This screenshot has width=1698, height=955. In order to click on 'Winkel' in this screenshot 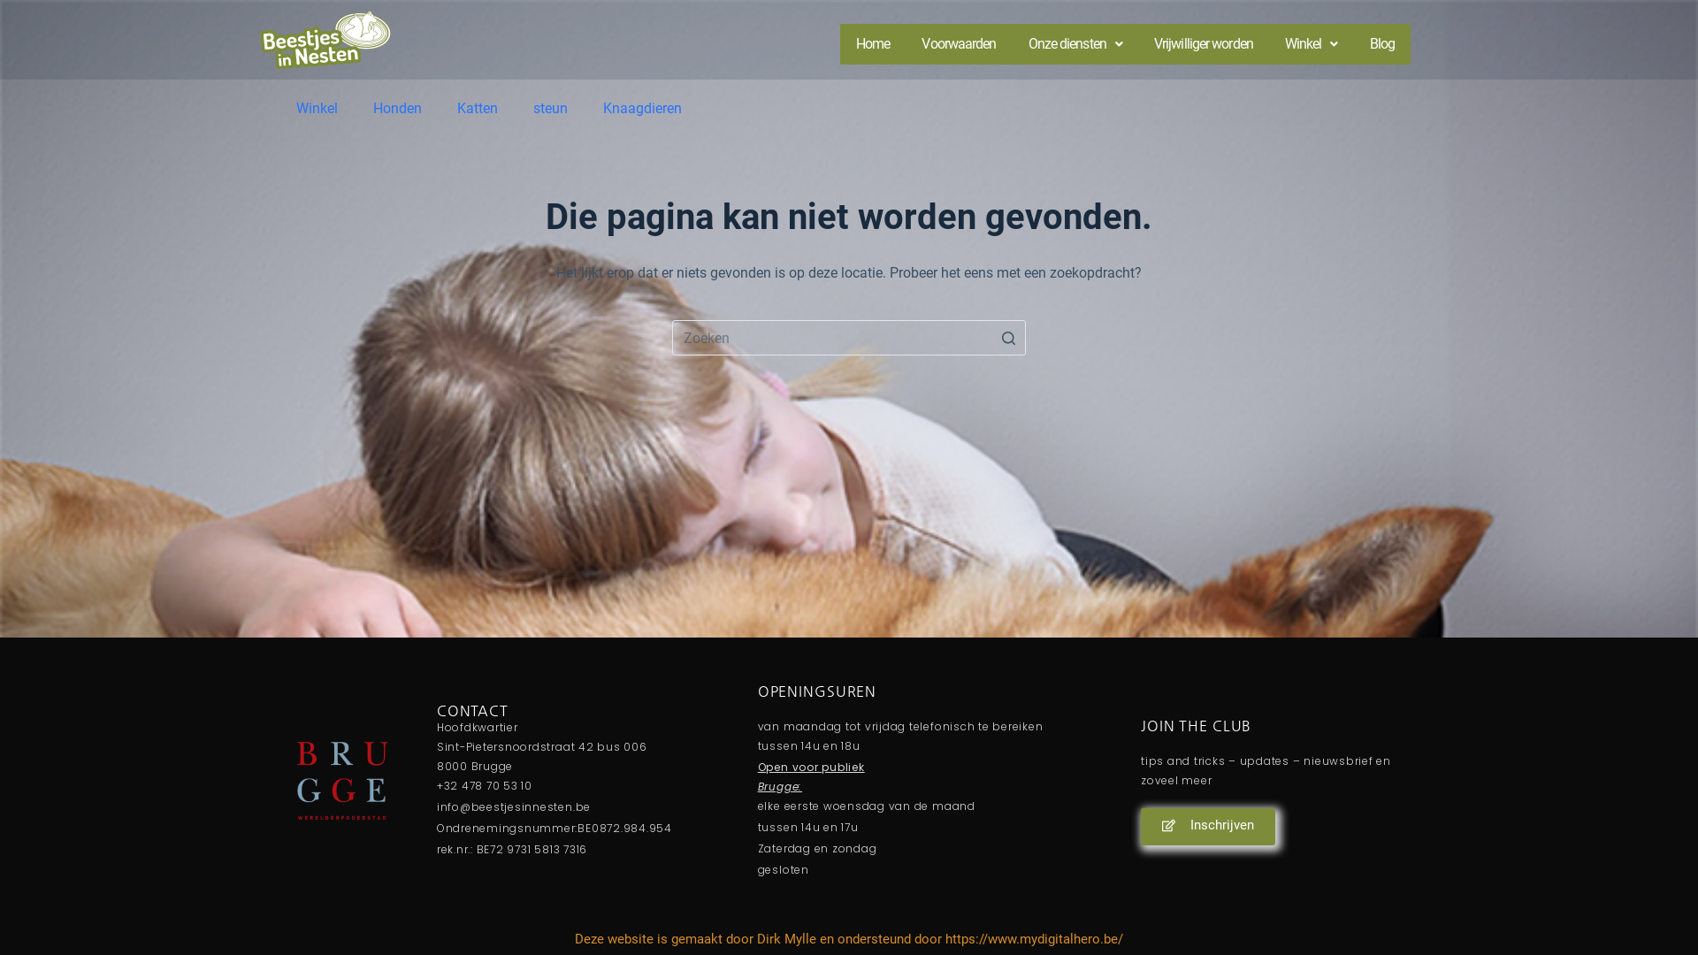, I will do `click(317, 109)`.